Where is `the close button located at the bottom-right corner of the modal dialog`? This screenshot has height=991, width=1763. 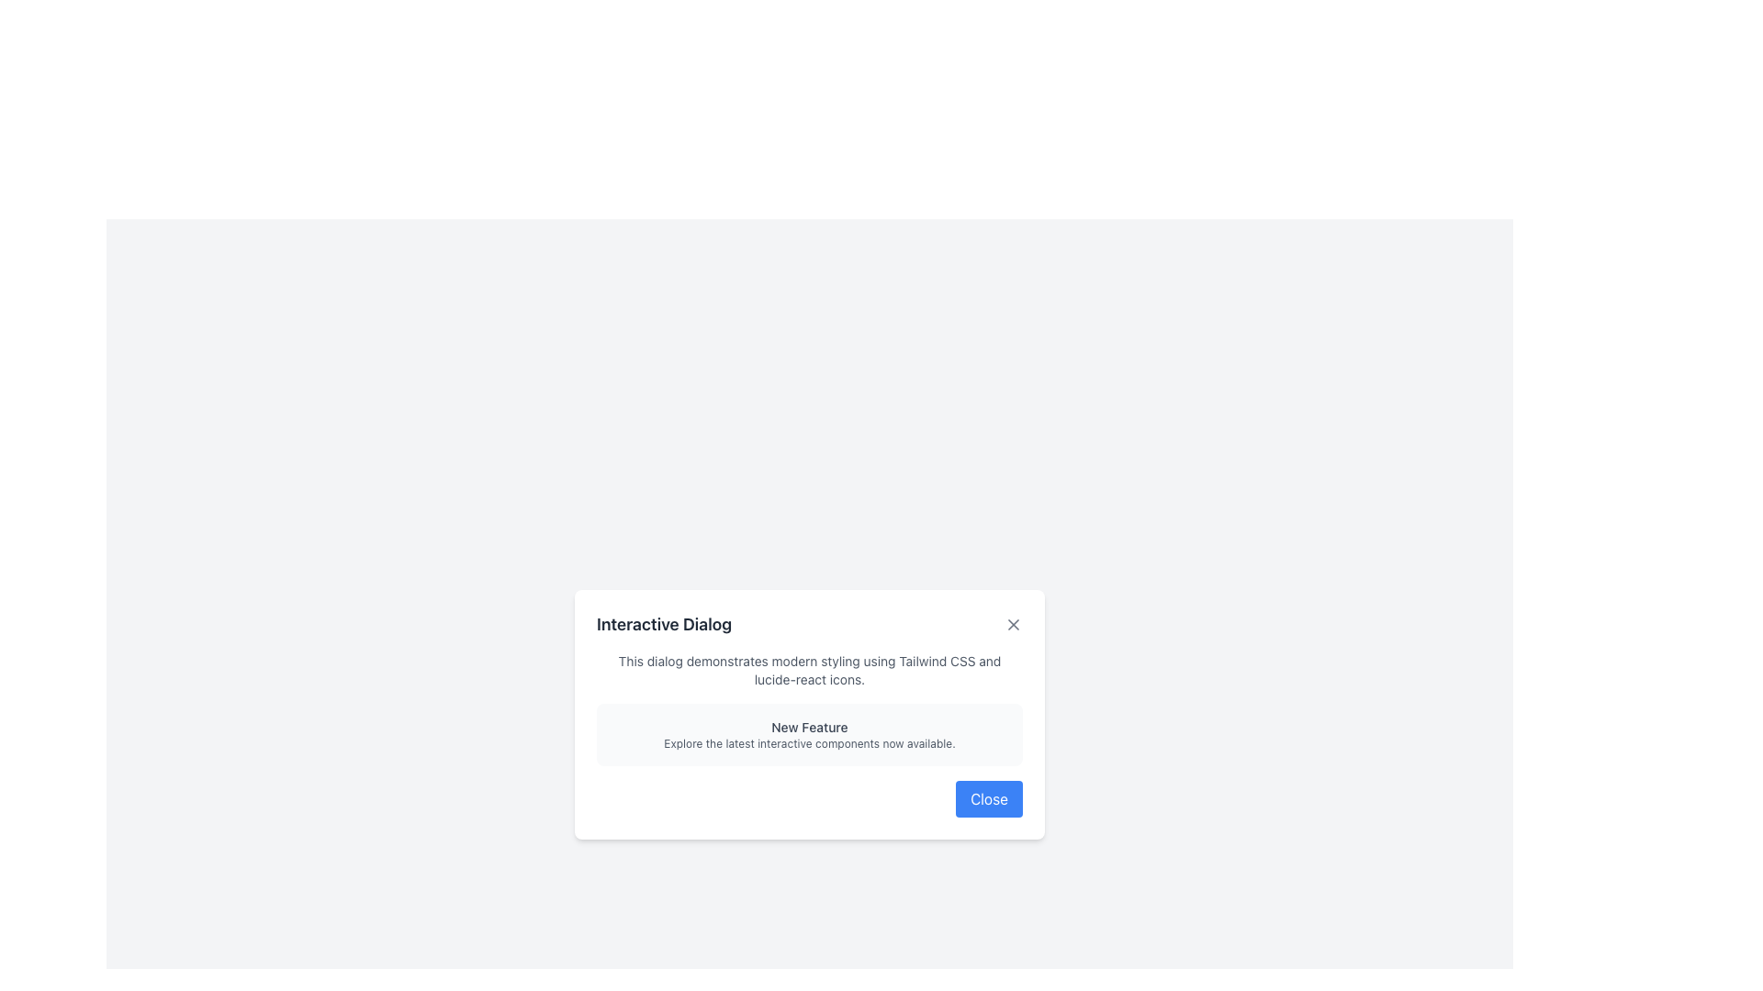 the close button located at the bottom-right corner of the modal dialog is located at coordinates (988, 798).